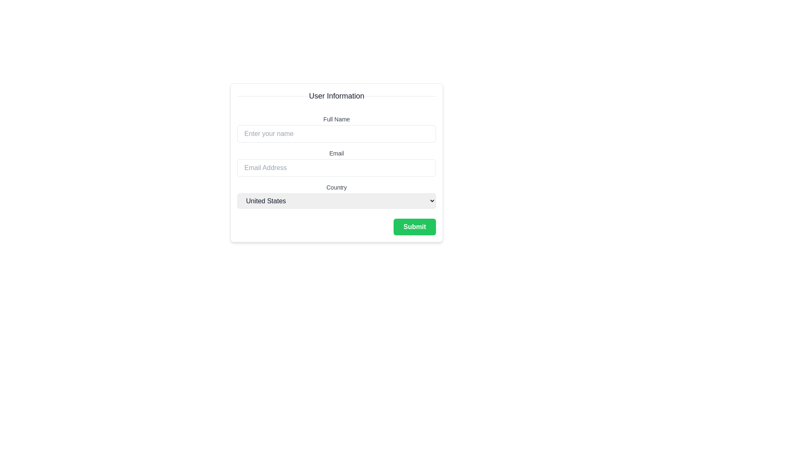 The height and width of the screenshot is (449, 798). Describe the element at coordinates (337, 96) in the screenshot. I see `the text label that serves as the heading for the form section containing fields like 'Full Name', 'Email', and 'Country'` at that location.